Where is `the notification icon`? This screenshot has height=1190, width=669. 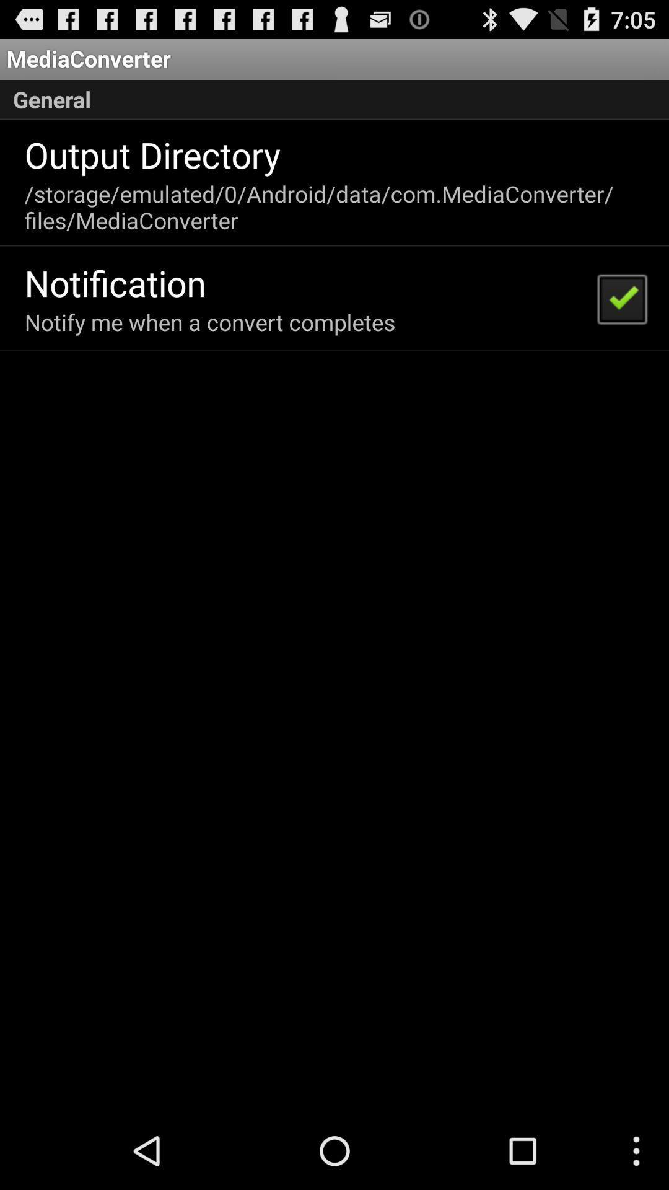 the notification icon is located at coordinates (115, 282).